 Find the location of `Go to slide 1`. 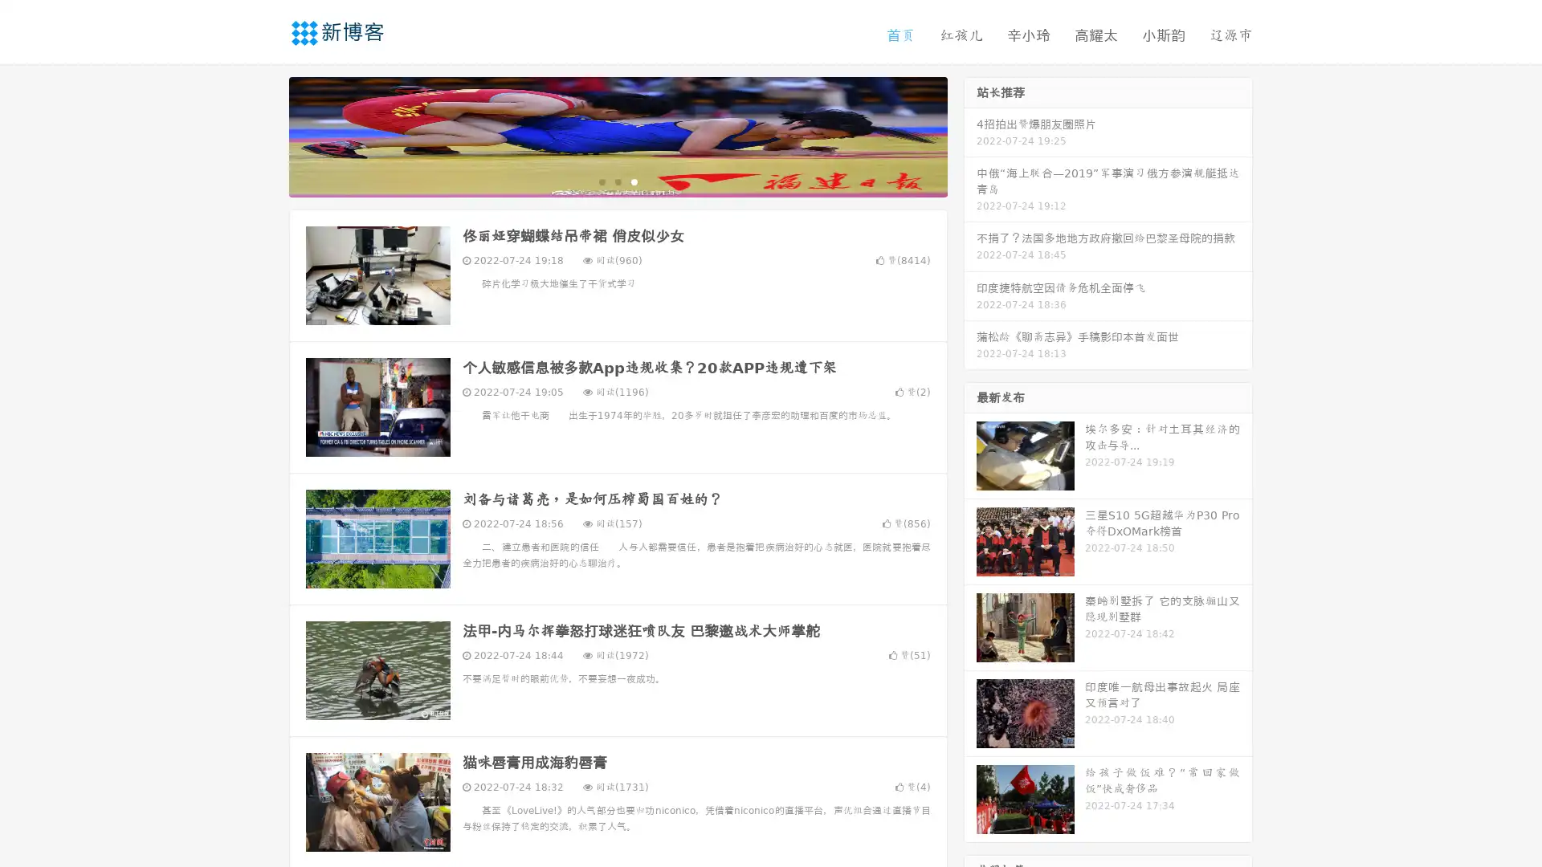

Go to slide 1 is located at coordinates (601, 181).